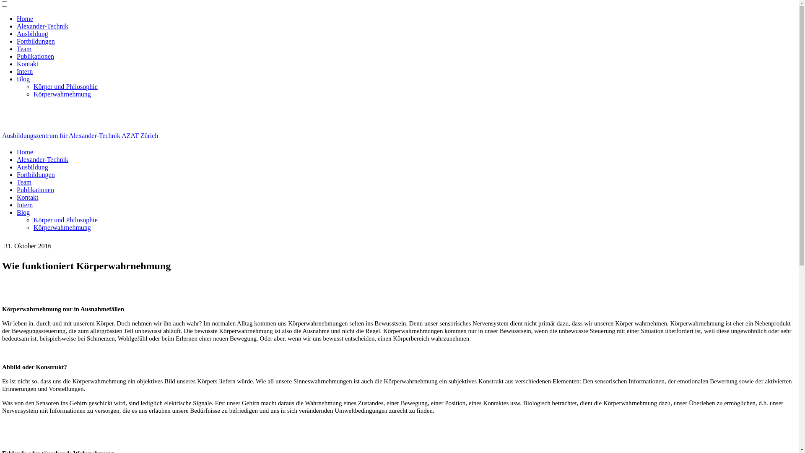 The width and height of the screenshot is (805, 453). I want to click on 'Alexander-Technik', so click(42, 26).